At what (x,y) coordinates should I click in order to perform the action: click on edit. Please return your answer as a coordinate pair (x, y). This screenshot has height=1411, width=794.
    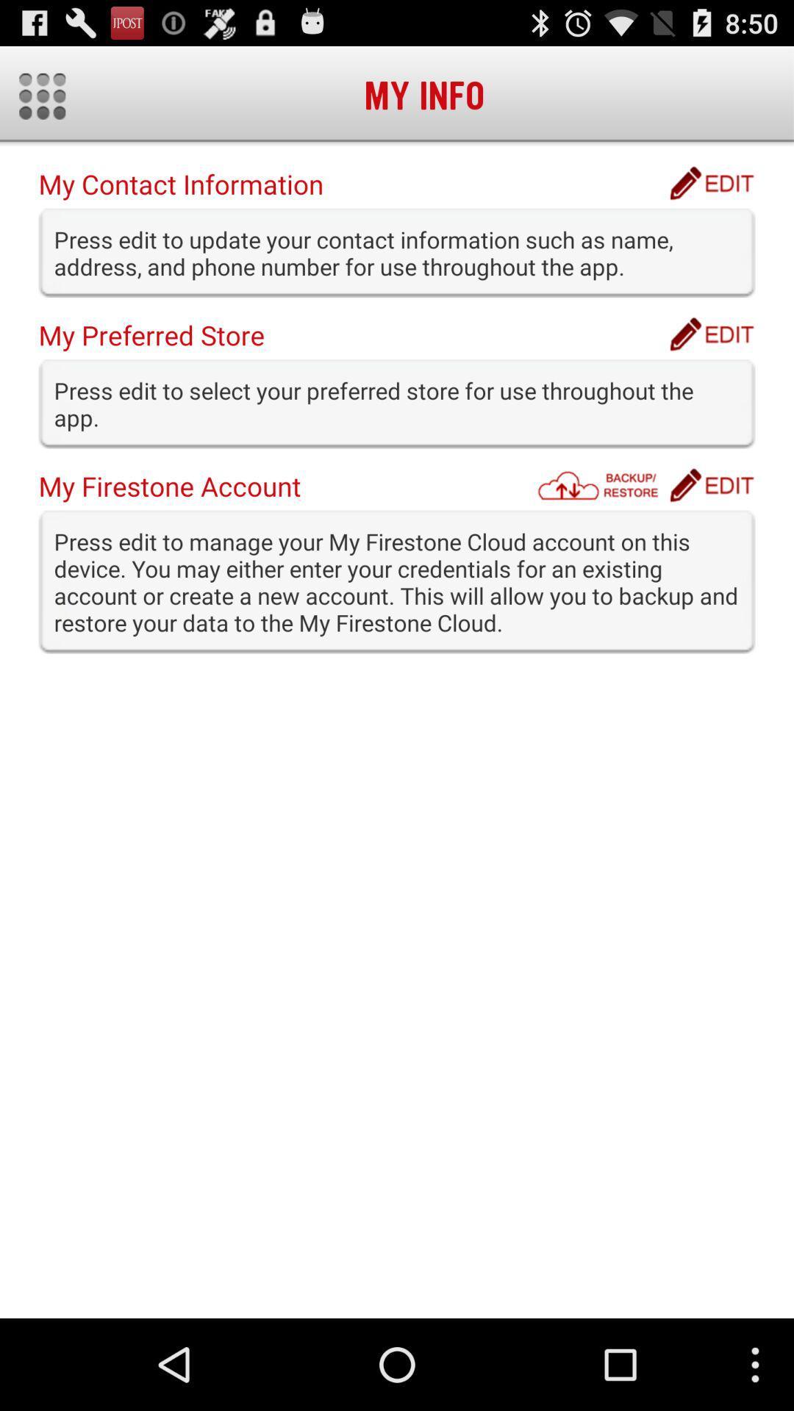
    Looking at the image, I should click on (711, 182).